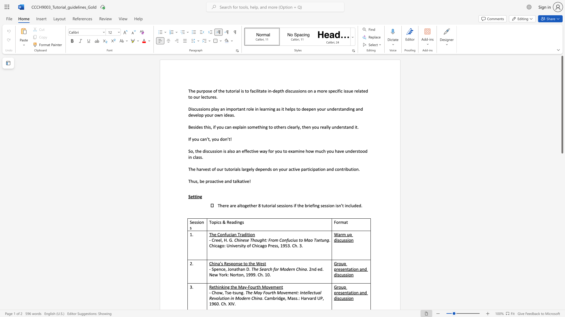 This screenshot has height=317, width=565. Describe the element at coordinates (562, 249) in the screenshot. I see `the scrollbar to move the page downward` at that location.